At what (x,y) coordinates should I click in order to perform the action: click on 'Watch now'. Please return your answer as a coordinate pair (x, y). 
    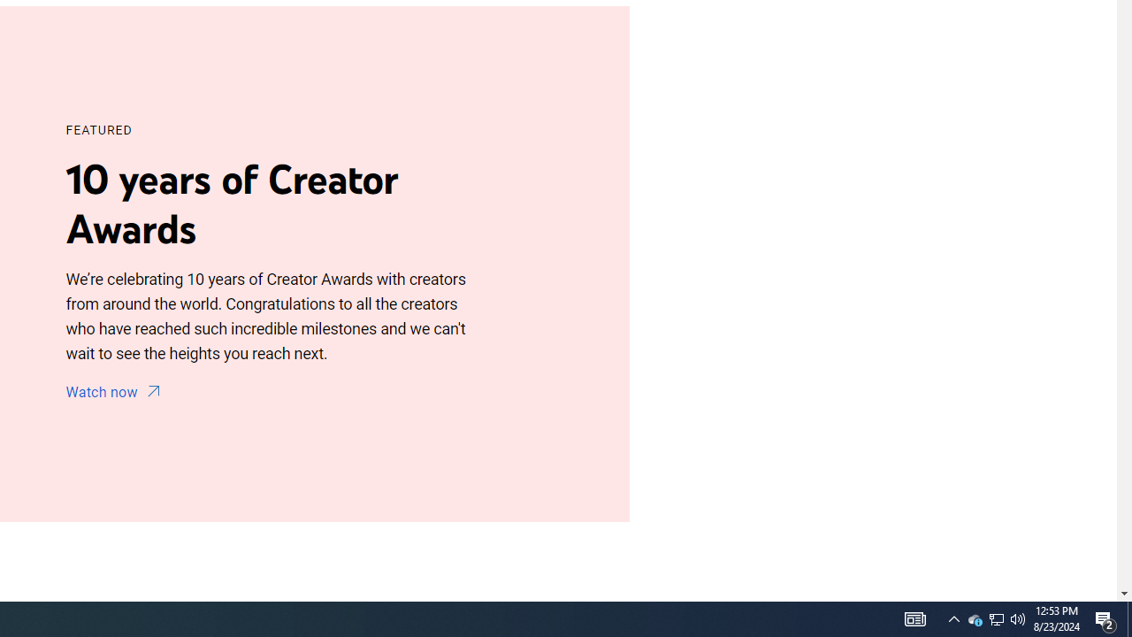
    Looking at the image, I should click on (115, 393).